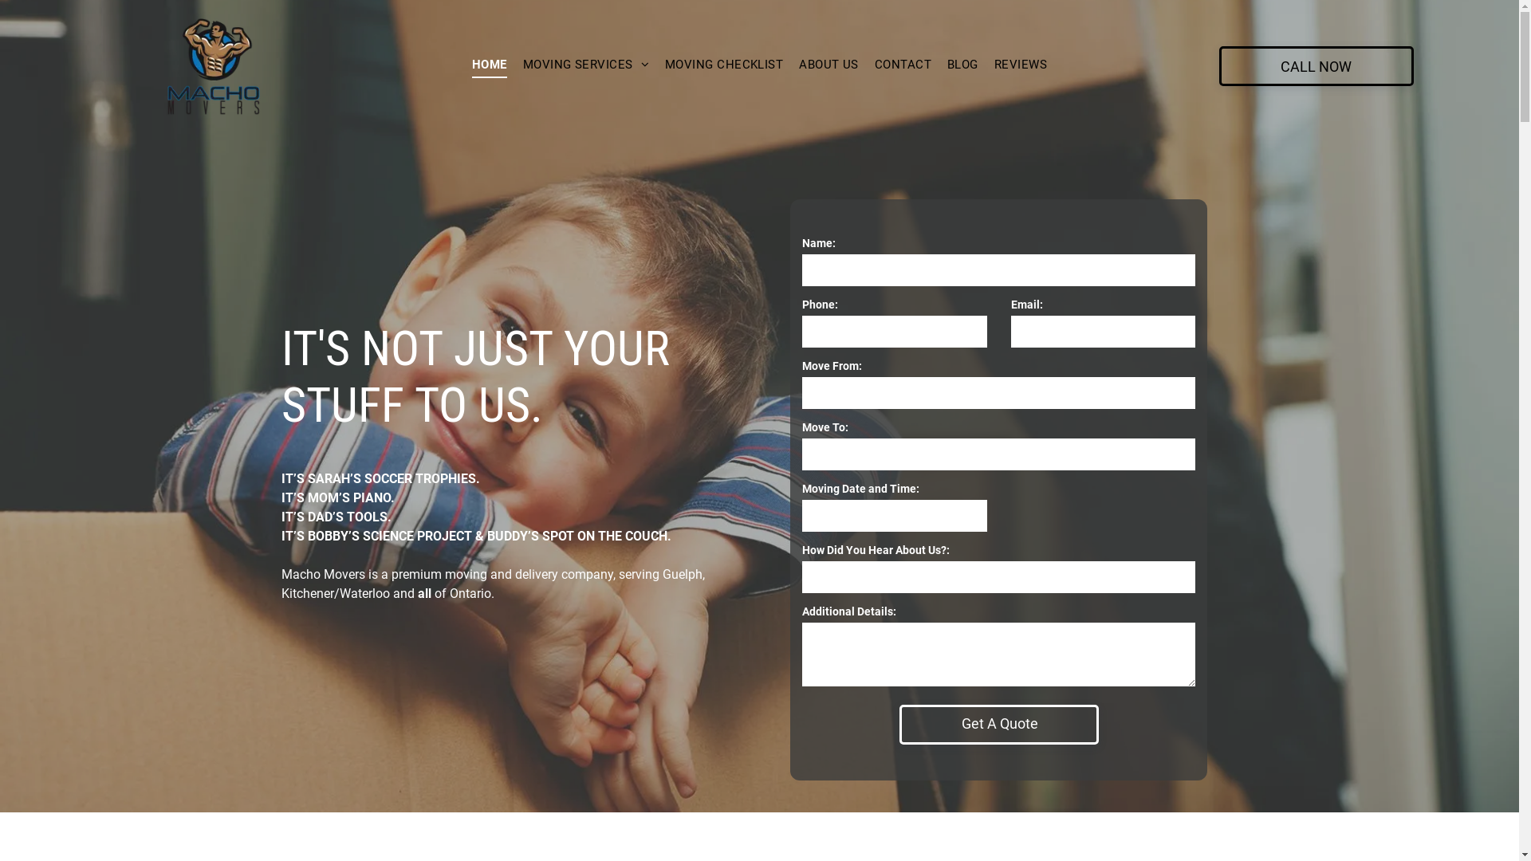 This screenshot has width=1531, height=861. I want to click on 'BLOG', so click(962, 64).